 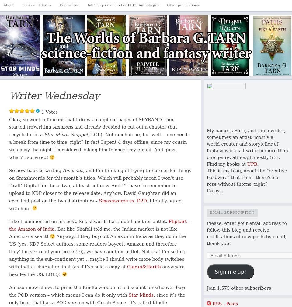 I want to click on 'UPB', so click(x=252, y=164).